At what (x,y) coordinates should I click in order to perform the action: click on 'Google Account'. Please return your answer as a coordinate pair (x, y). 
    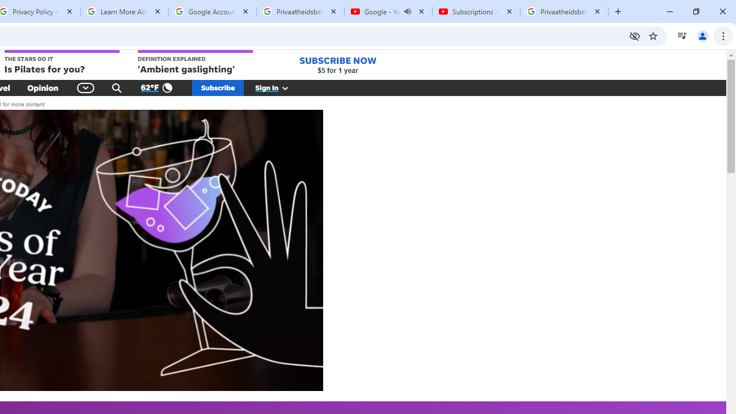
    Looking at the image, I should click on (212, 11).